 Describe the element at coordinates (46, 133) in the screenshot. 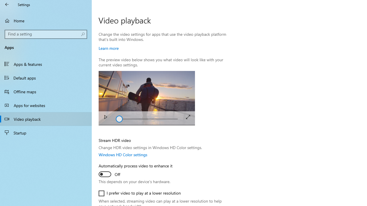

I see `'Startup'` at that location.